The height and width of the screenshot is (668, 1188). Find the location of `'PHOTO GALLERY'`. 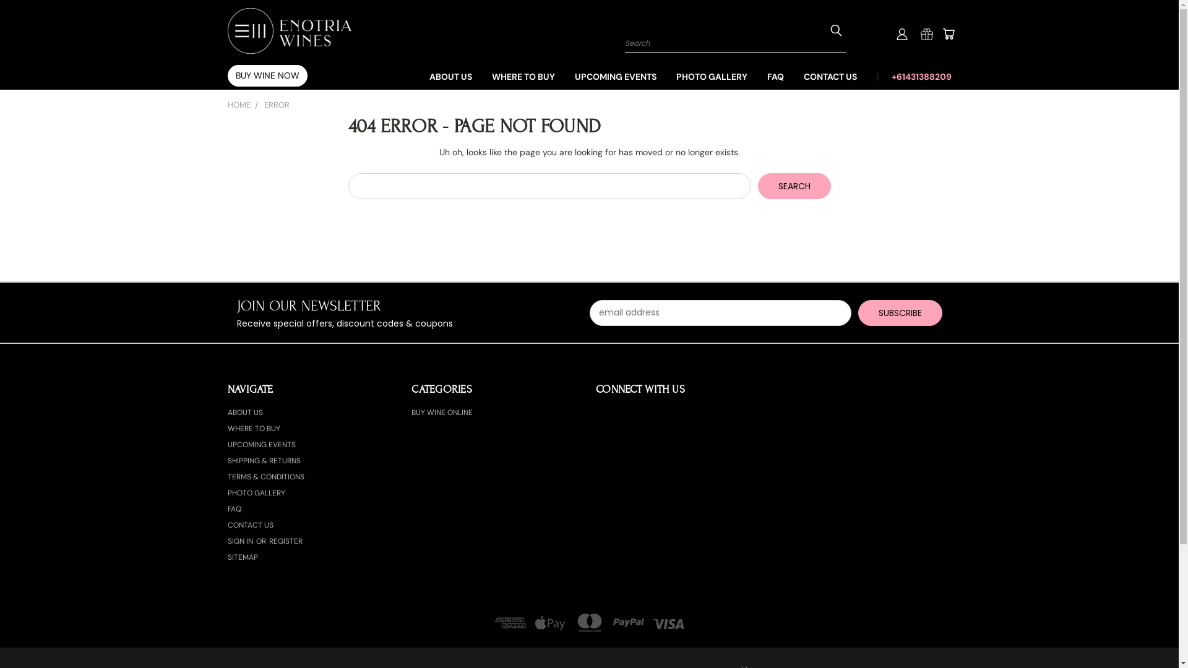

'PHOTO GALLERY' is located at coordinates (228, 495).